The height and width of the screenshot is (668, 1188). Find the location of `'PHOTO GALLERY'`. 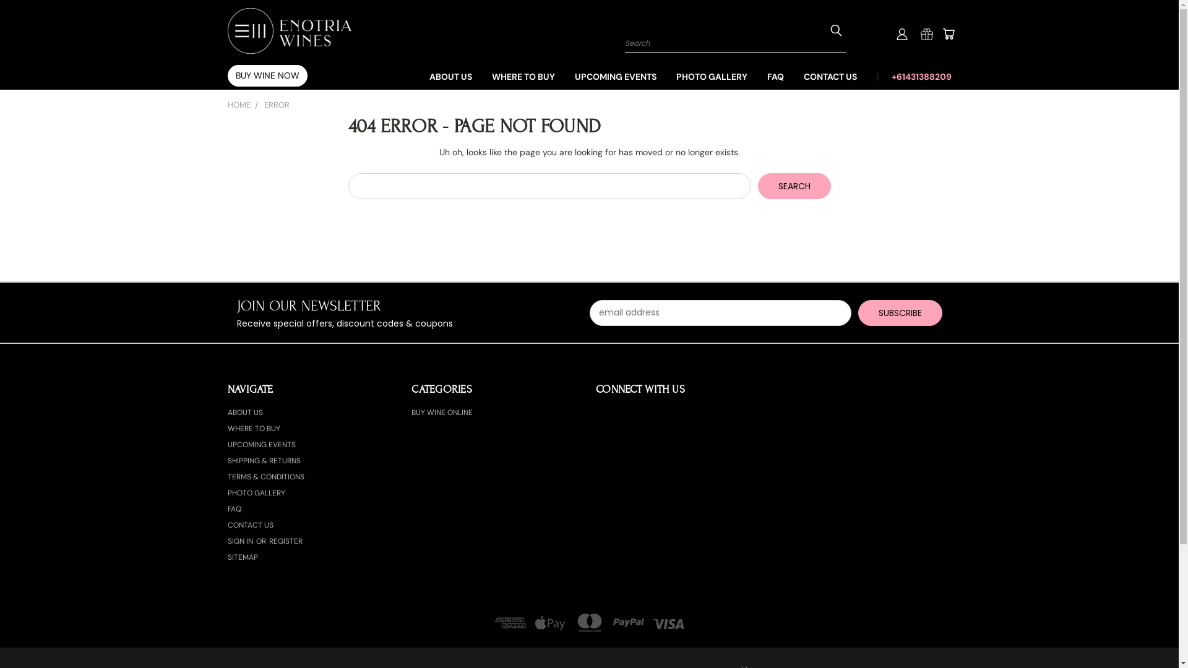

'PHOTO GALLERY' is located at coordinates (228, 495).